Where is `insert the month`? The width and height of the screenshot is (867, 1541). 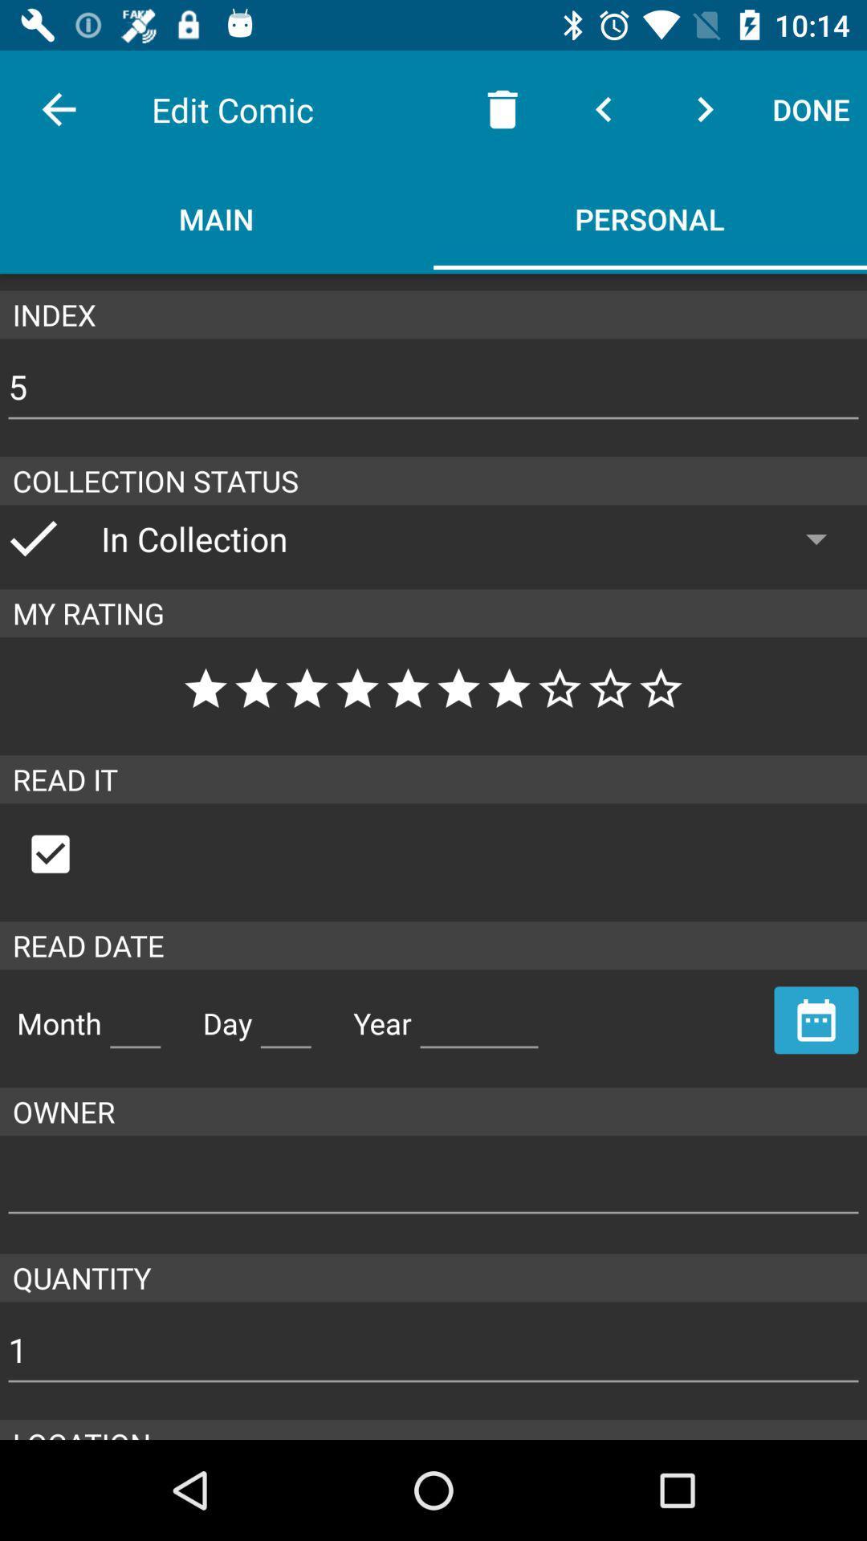 insert the month is located at coordinates (134, 1016).